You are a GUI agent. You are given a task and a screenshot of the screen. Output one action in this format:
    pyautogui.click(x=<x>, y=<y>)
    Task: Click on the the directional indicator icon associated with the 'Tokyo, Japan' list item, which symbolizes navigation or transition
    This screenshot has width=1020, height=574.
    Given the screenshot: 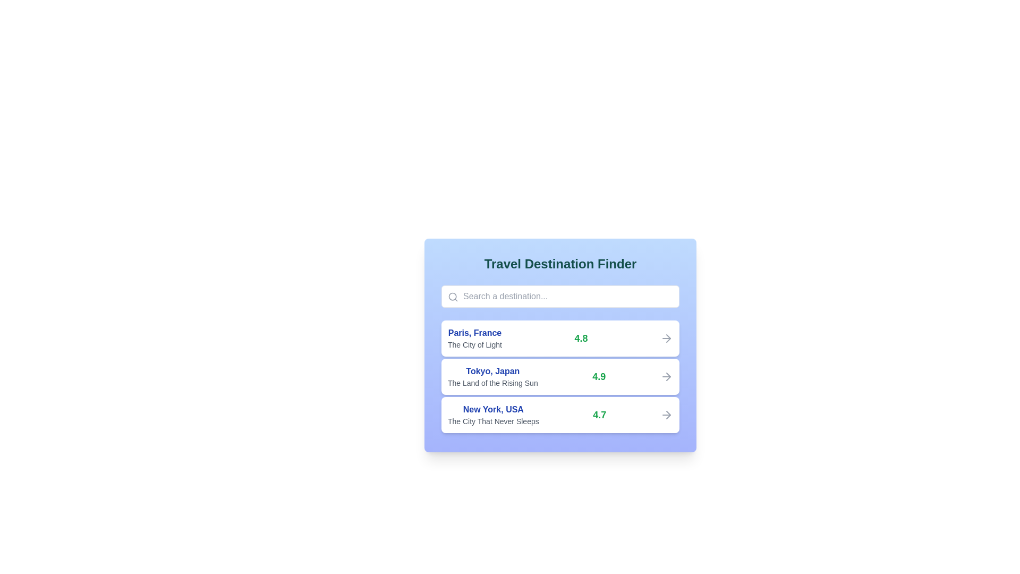 What is the action you would take?
    pyautogui.click(x=668, y=376)
    